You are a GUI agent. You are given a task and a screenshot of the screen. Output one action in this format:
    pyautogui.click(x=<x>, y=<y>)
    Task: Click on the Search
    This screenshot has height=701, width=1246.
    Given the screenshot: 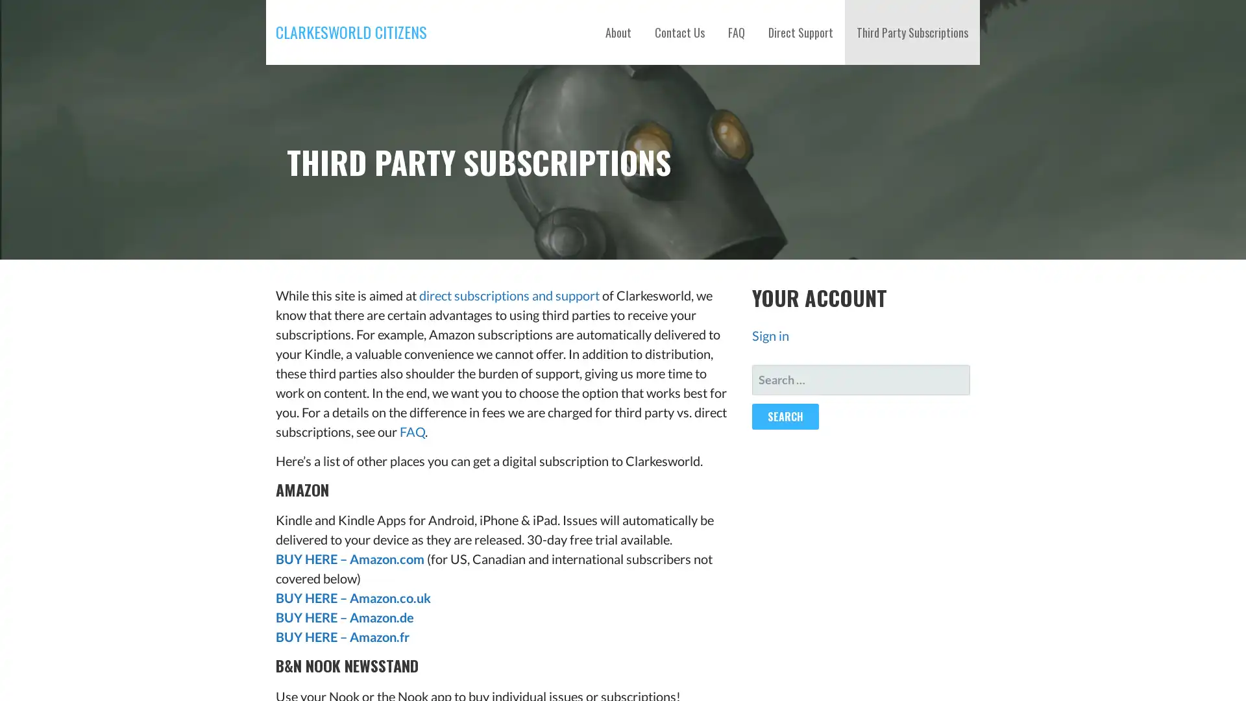 What is the action you would take?
    pyautogui.click(x=784, y=416)
    